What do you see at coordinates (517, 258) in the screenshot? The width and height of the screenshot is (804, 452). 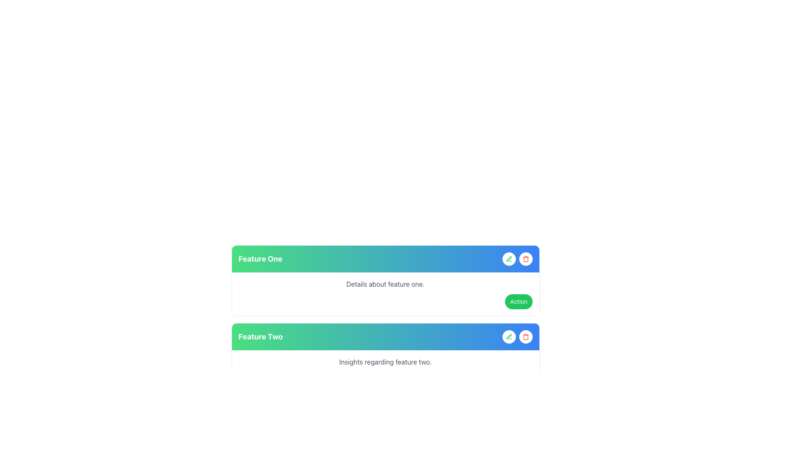 I see `the red delete button located on the right side of the edit button within the 'Feature One' card, which has a gradient background` at bounding box center [517, 258].